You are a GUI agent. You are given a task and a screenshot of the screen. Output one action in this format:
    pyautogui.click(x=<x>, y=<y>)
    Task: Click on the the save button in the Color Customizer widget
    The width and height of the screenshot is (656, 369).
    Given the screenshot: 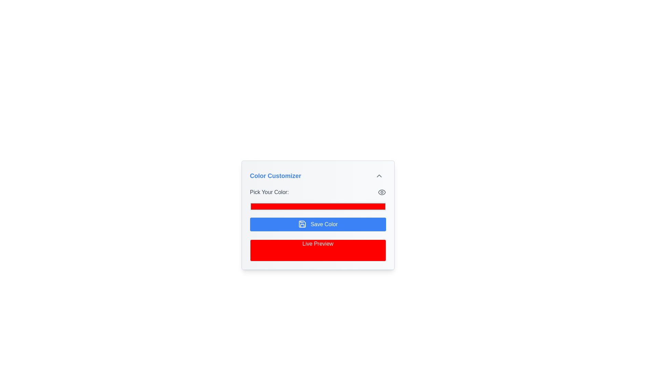 What is the action you would take?
    pyautogui.click(x=317, y=225)
    